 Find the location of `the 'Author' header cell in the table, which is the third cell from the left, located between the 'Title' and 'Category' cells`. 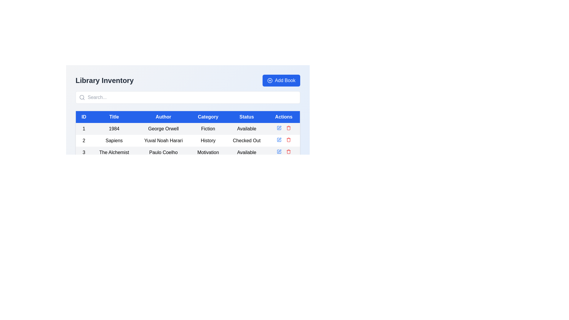

the 'Author' header cell in the table, which is the third cell from the left, located between the 'Title' and 'Category' cells is located at coordinates (163, 117).